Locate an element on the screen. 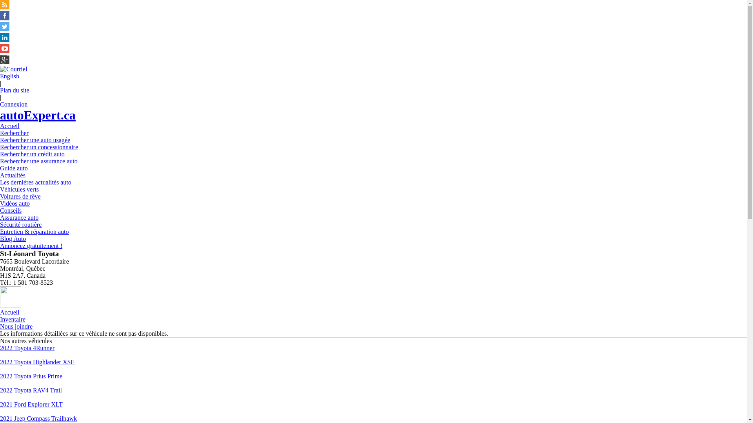 Image resolution: width=753 pixels, height=423 pixels. '2022 Toyota RAV4 Trail' is located at coordinates (0, 390).